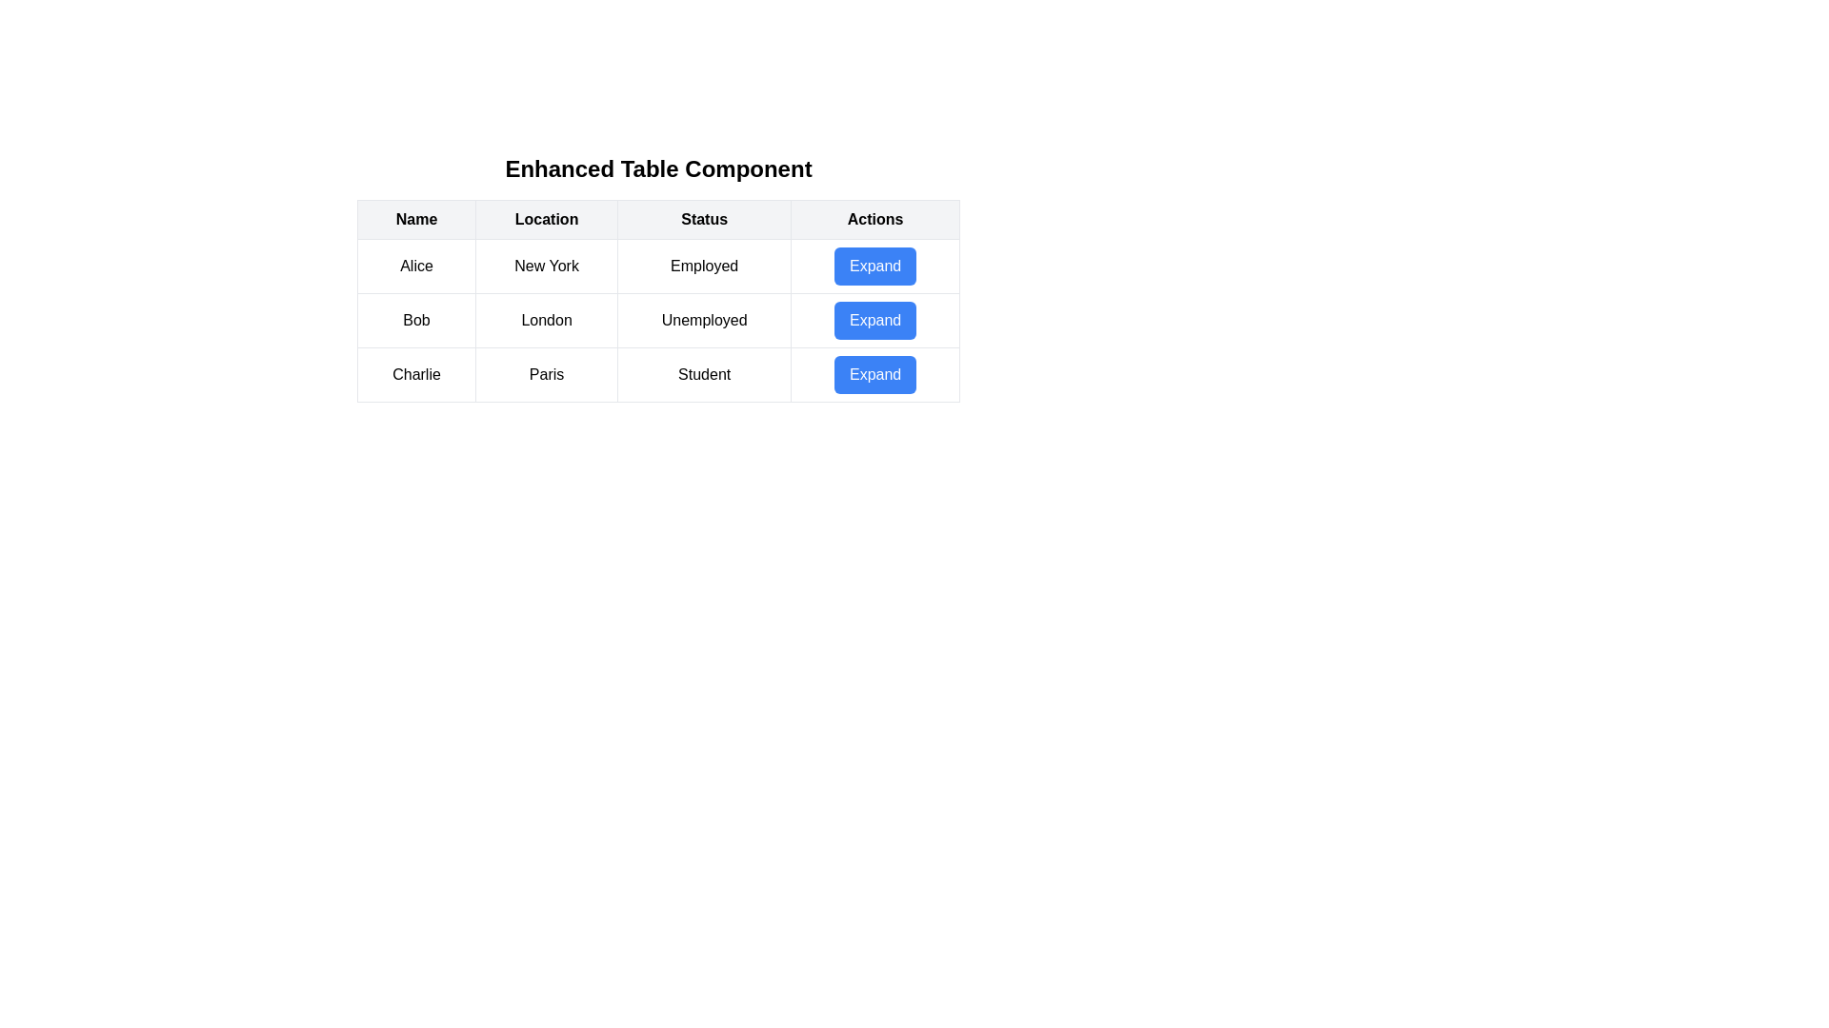  Describe the element at coordinates (874, 374) in the screenshot. I see `the third button in the rightmost column labeled 'Actions'` at that location.